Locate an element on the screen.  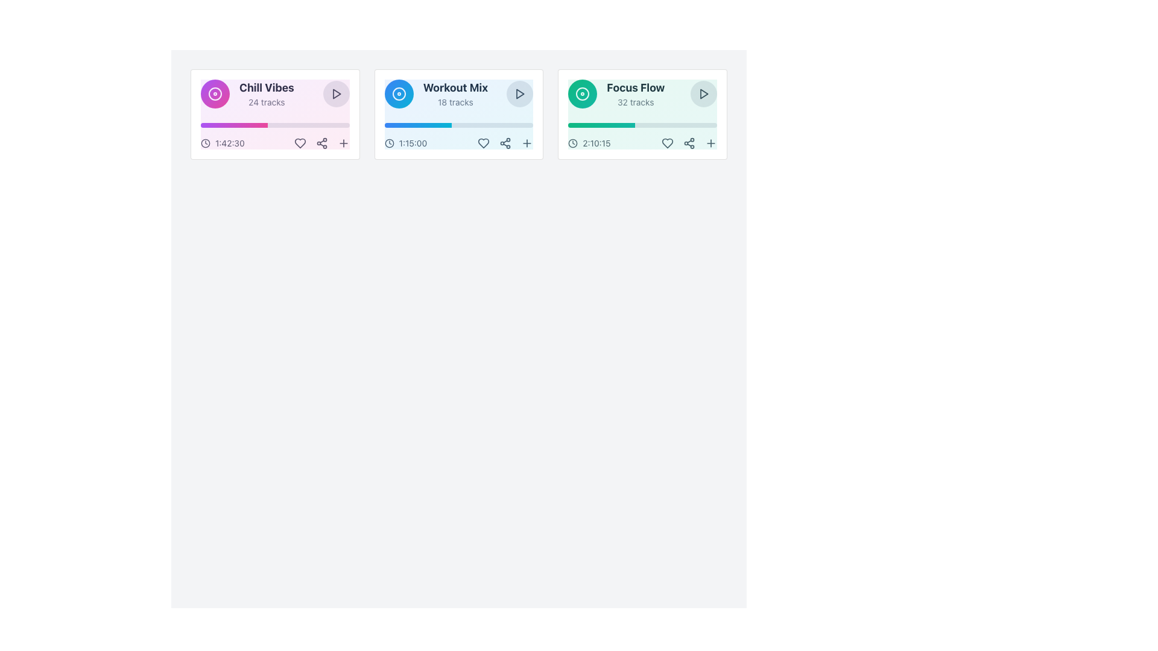
time duration displayed in the Text with icon component, which shows '1:15:00' next to a clock icon is located at coordinates (405, 143).